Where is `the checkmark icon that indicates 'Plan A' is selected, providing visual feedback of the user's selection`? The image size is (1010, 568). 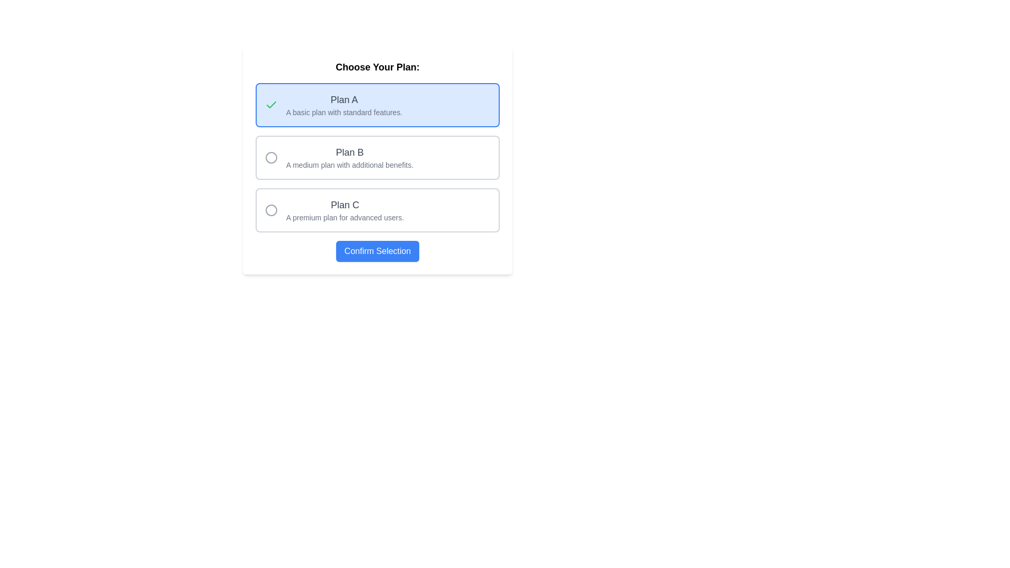 the checkmark icon that indicates 'Plan A' is selected, providing visual feedback of the user's selection is located at coordinates (271, 105).